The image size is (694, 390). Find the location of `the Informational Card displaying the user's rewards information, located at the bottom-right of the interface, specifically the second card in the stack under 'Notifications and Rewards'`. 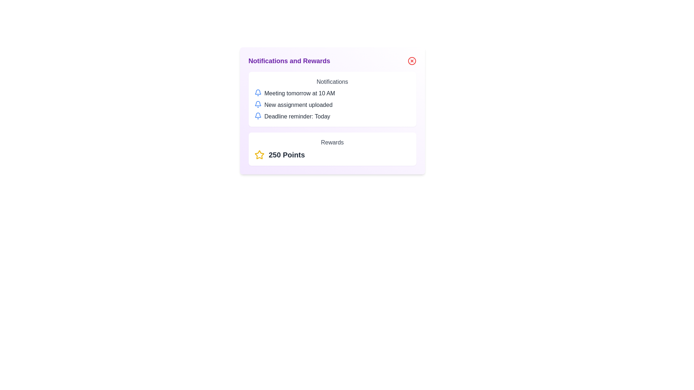

the Informational Card displaying the user's rewards information, located at the bottom-right of the interface, specifically the second card in the stack under 'Notifications and Rewards' is located at coordinates (332, 148).